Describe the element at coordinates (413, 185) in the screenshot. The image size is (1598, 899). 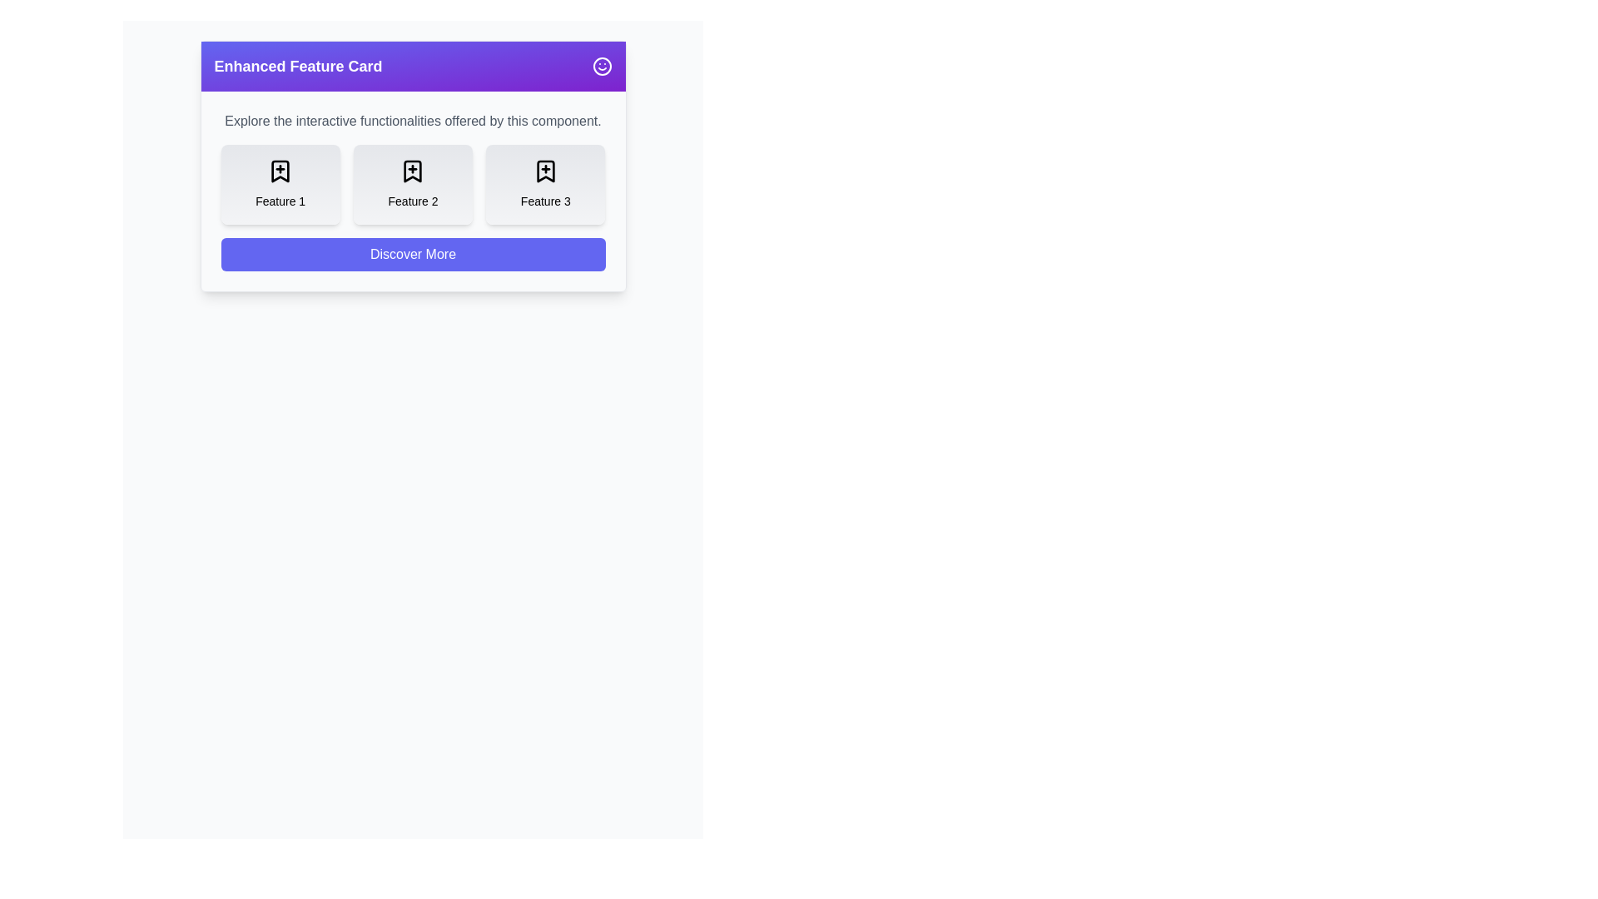
I see `the centrally positioned card in the Grid Layout` at that location.